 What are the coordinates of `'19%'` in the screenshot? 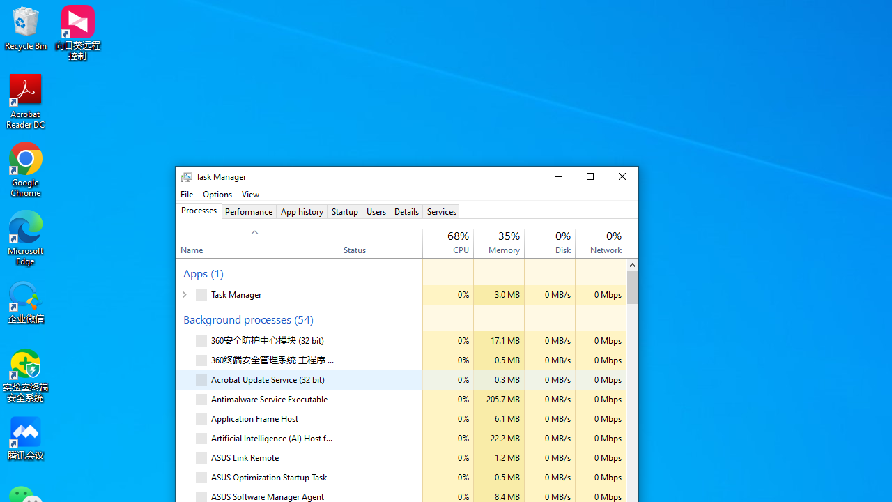 It's located at (458, 234).